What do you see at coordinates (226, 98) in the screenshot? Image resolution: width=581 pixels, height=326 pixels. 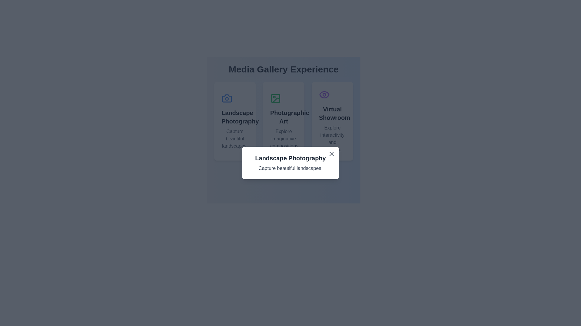 I see `the decorative circular detail (SVG circle) within the camera icon on the leftmost 'Landscape Photography' card` at bounding box center [226, 98].